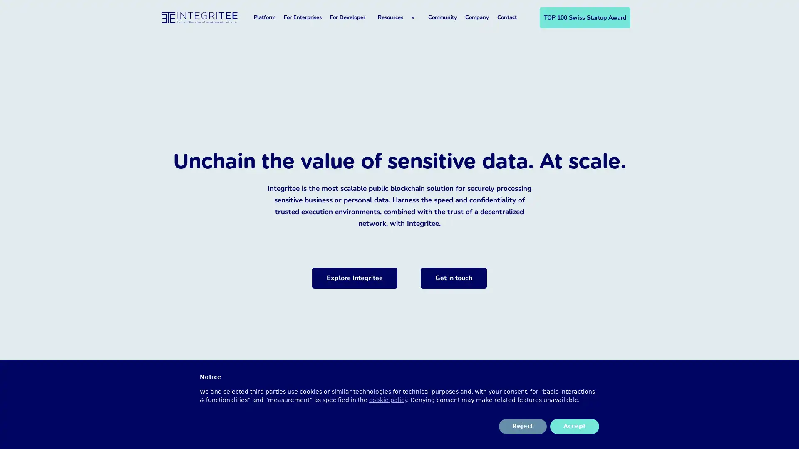  I want to click on Accept, so click(574, 427).